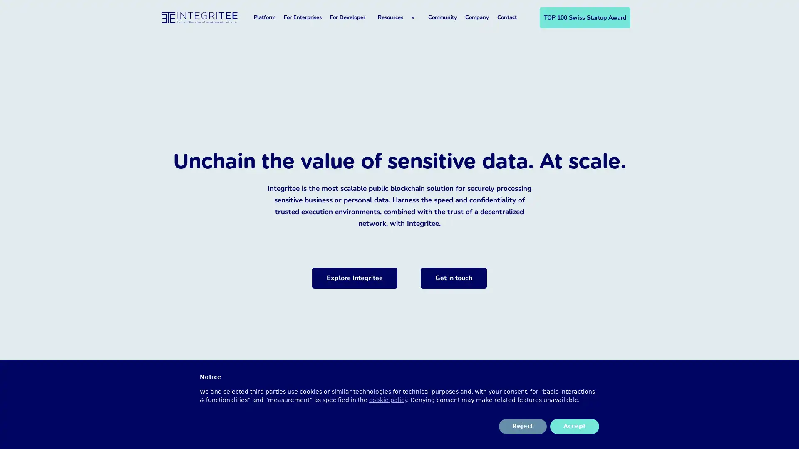  I want to click on Accept, so click(574, 427).